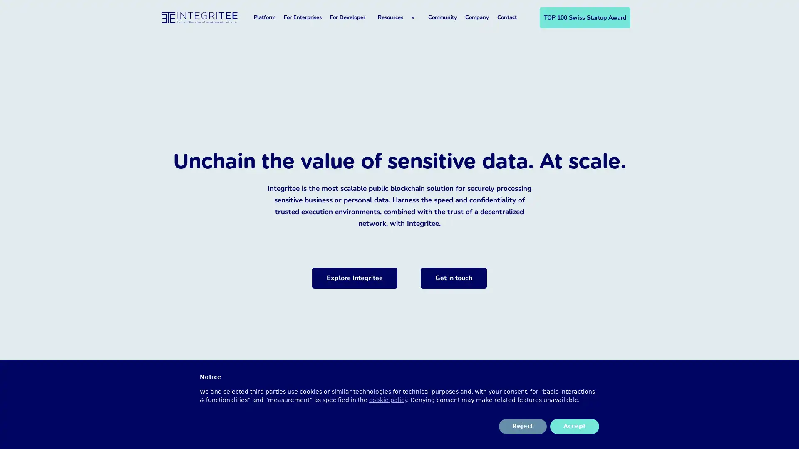  I want to click on Accept, so click(574, 427).